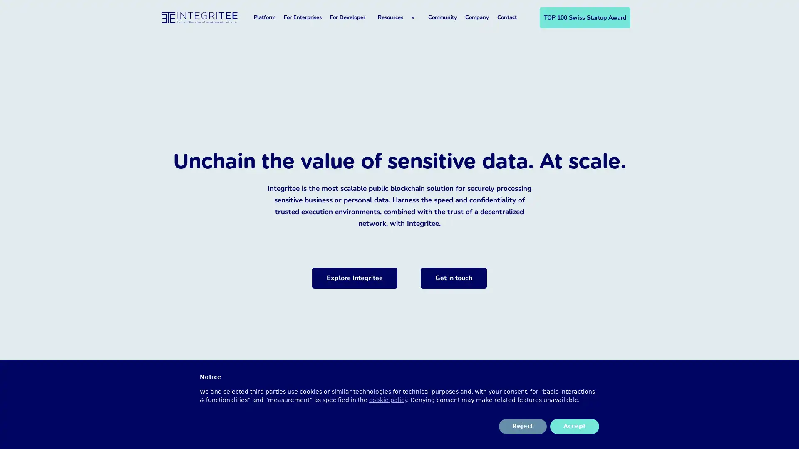  I want to click on Accept, so click(574, 427).